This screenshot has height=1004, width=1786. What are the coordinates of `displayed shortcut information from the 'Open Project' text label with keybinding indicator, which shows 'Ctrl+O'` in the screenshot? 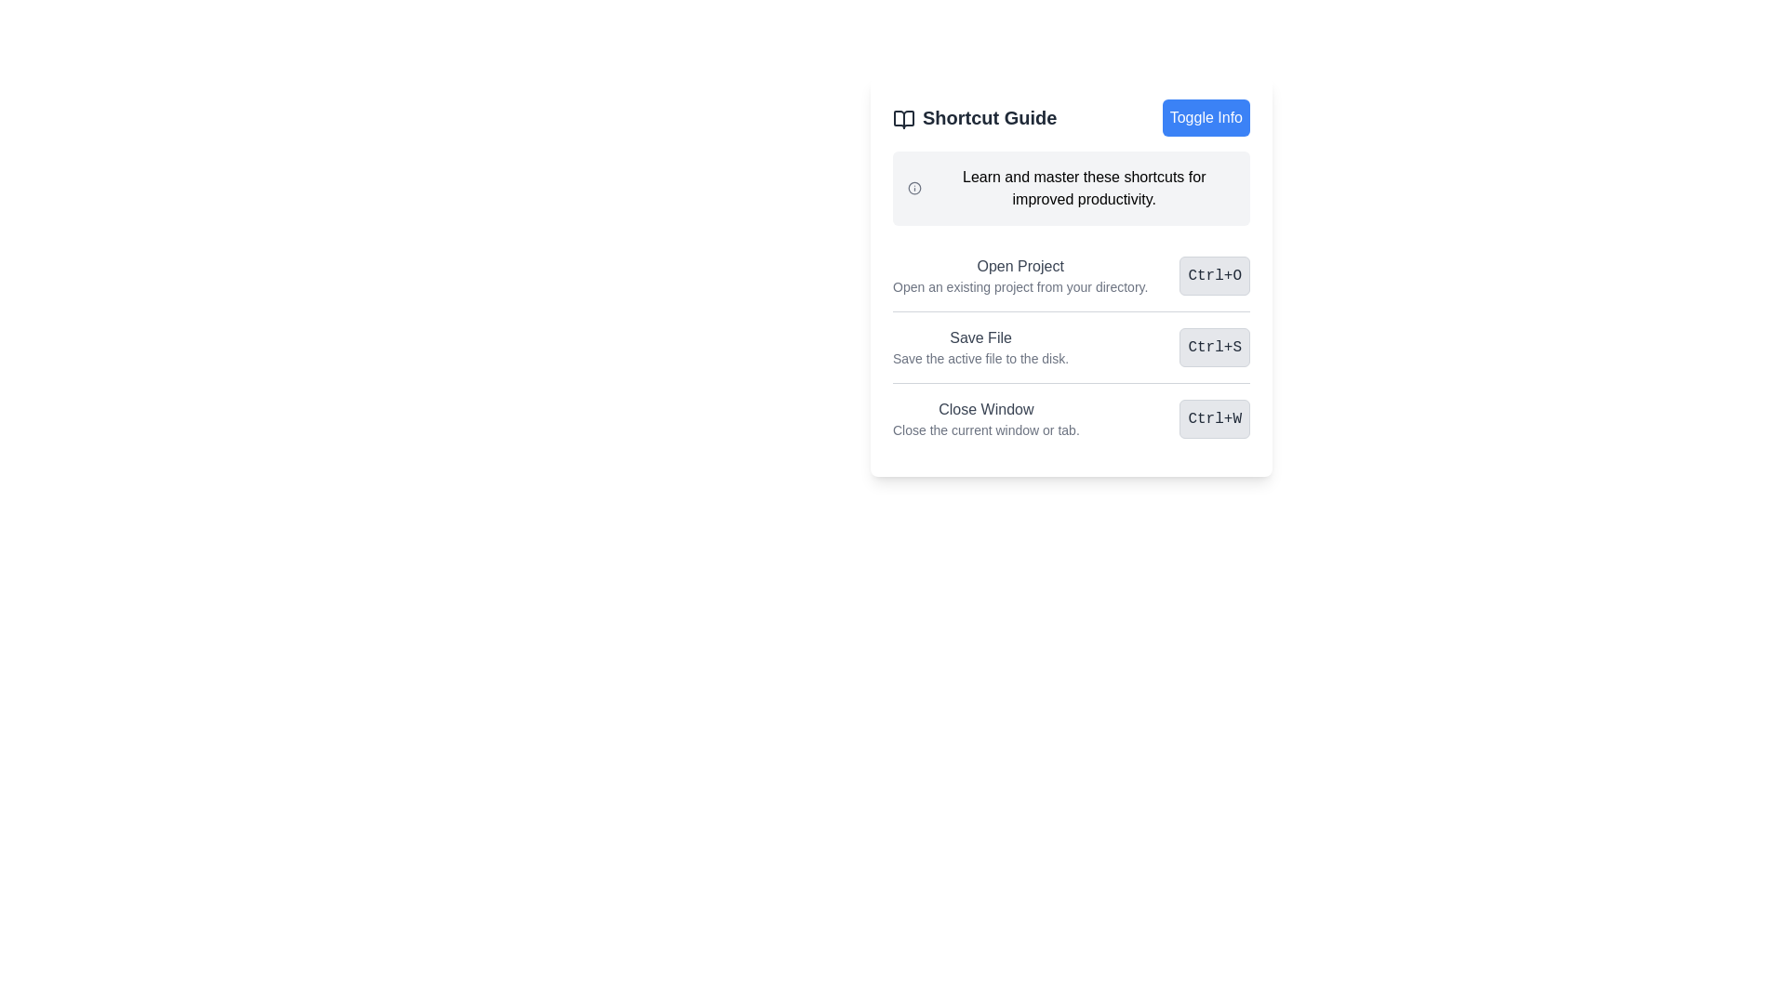 It's located at (1072, 276).